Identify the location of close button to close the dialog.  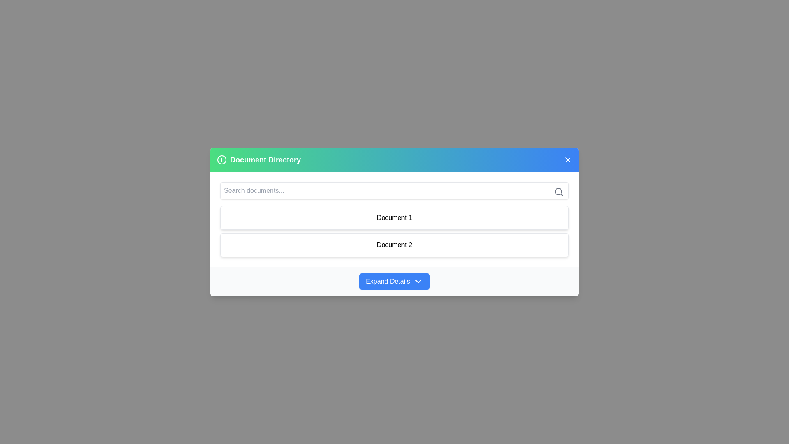
(568, 160).